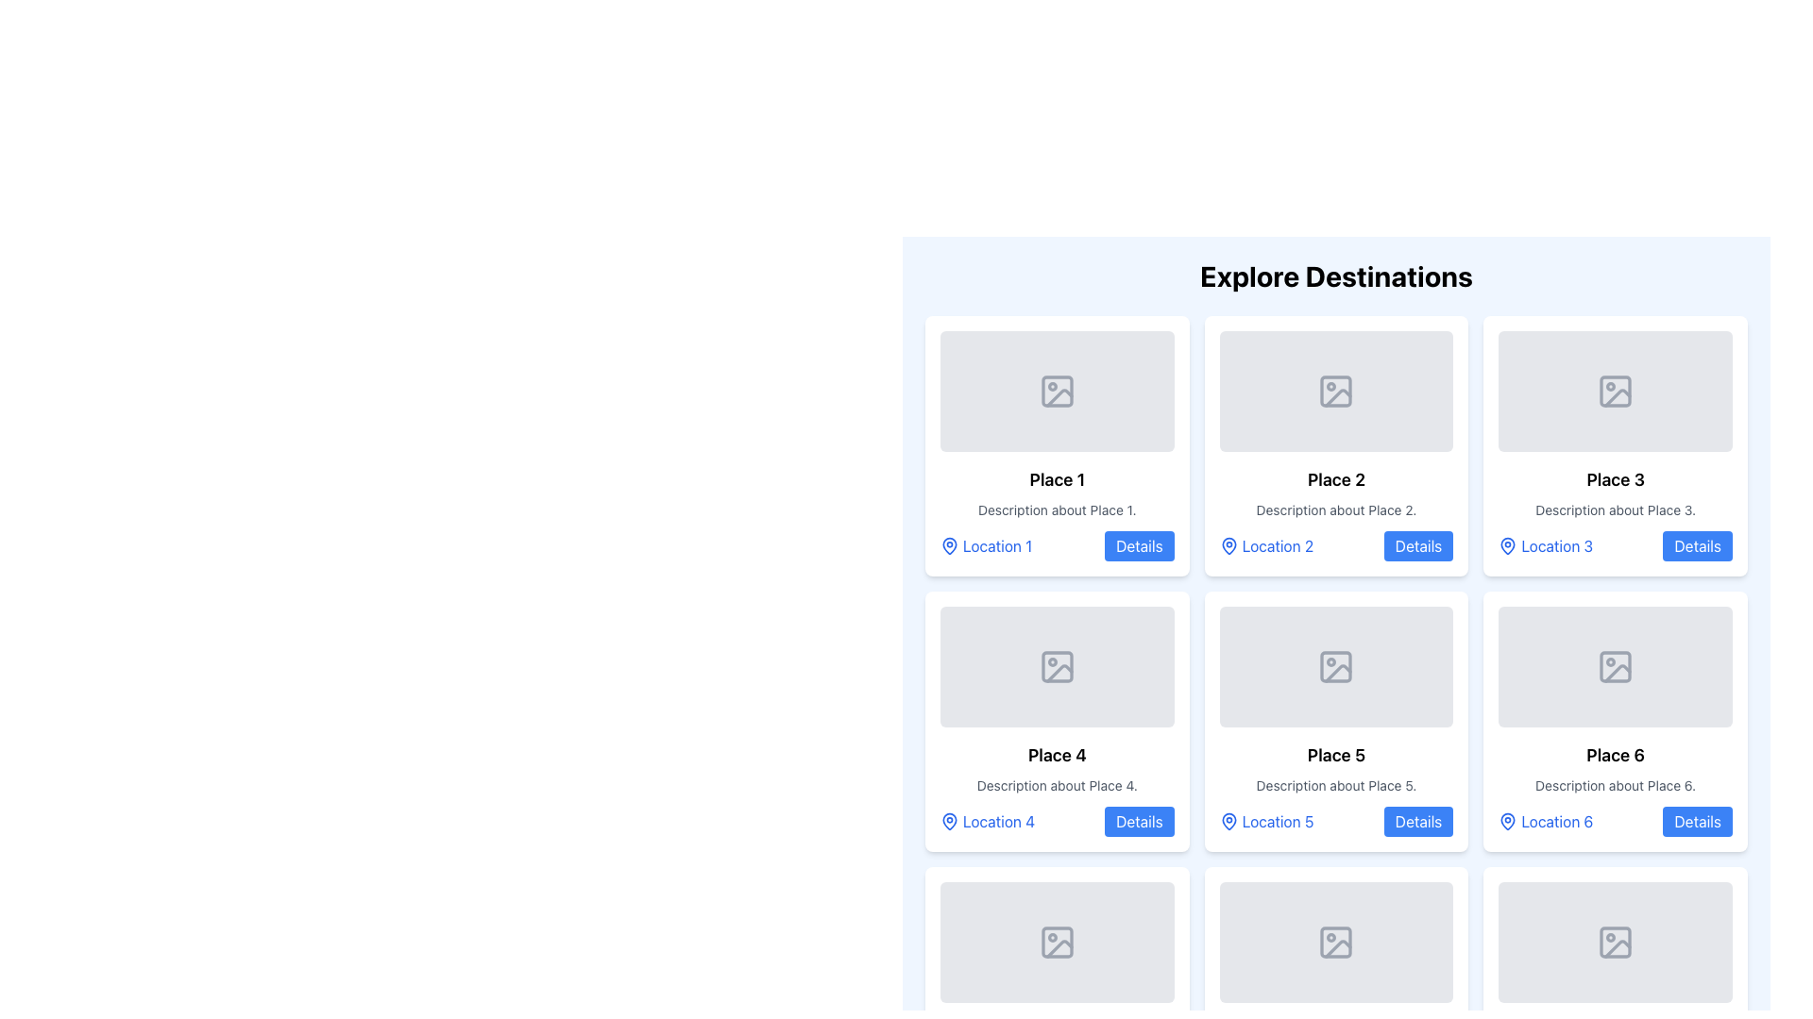 This screenshot has width=1813, height=1019. I want to click on the 'Details' button for 'Place 6', which is the sixth button in the series and located at the bottom-right of its card, so click(1698, 821).